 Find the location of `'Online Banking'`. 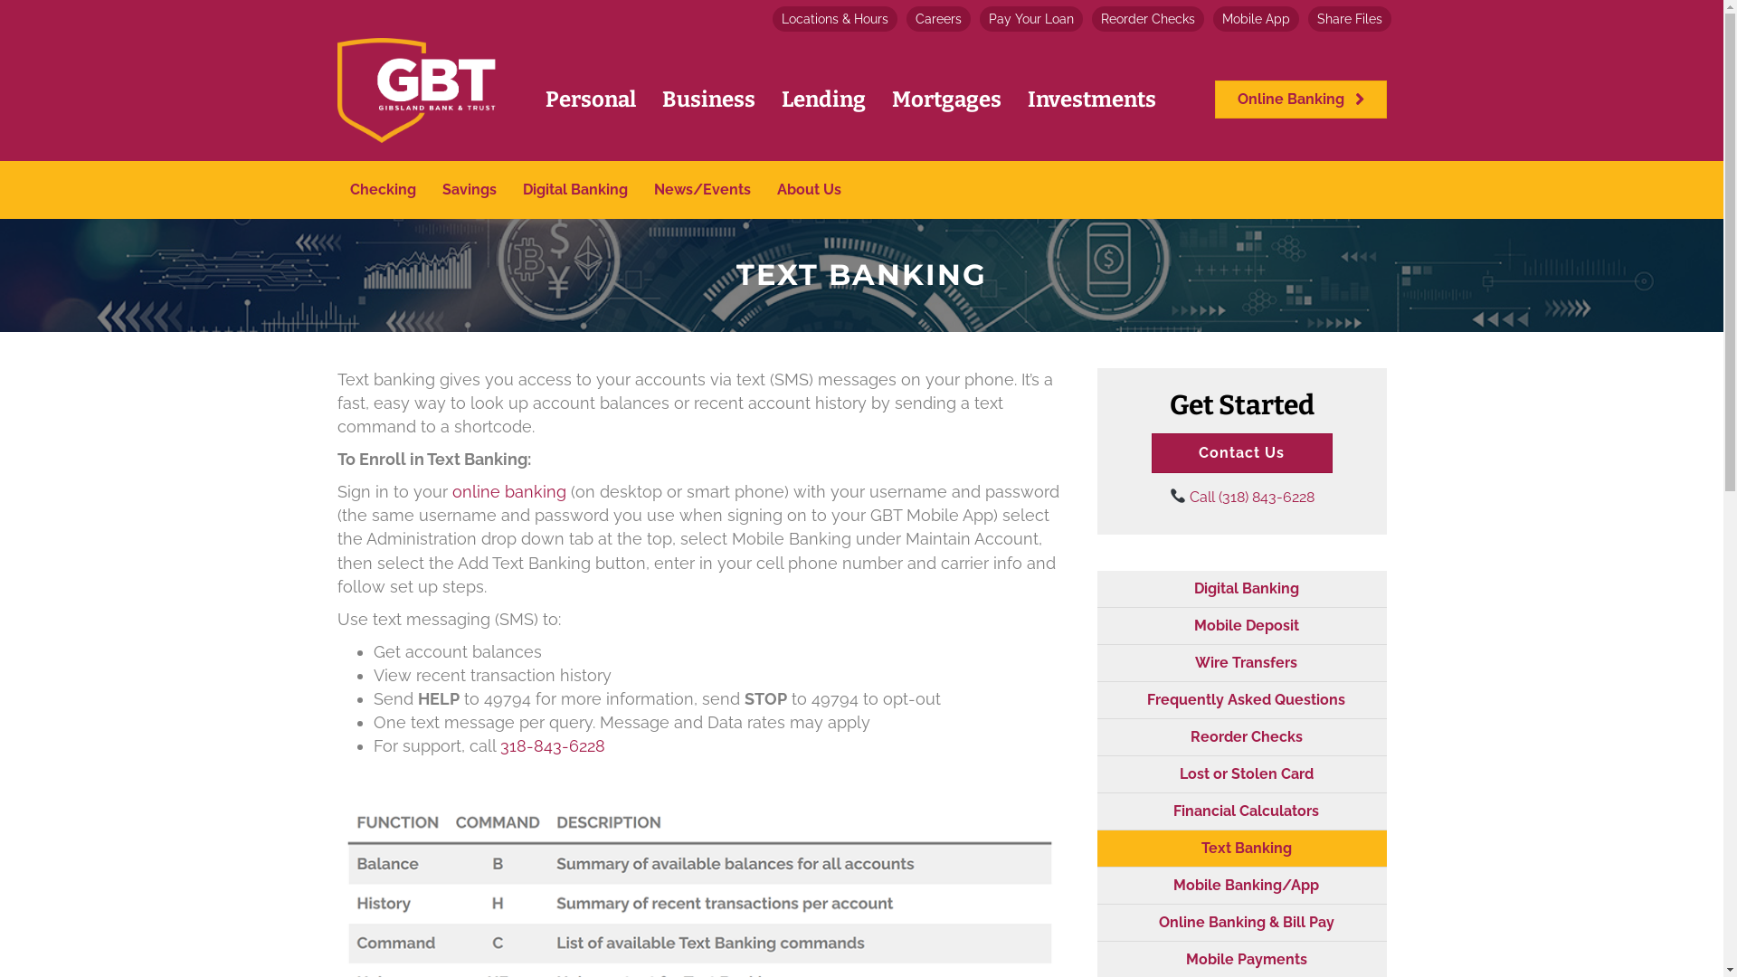

'Online Banking' is located at coordinates (1214, 100).